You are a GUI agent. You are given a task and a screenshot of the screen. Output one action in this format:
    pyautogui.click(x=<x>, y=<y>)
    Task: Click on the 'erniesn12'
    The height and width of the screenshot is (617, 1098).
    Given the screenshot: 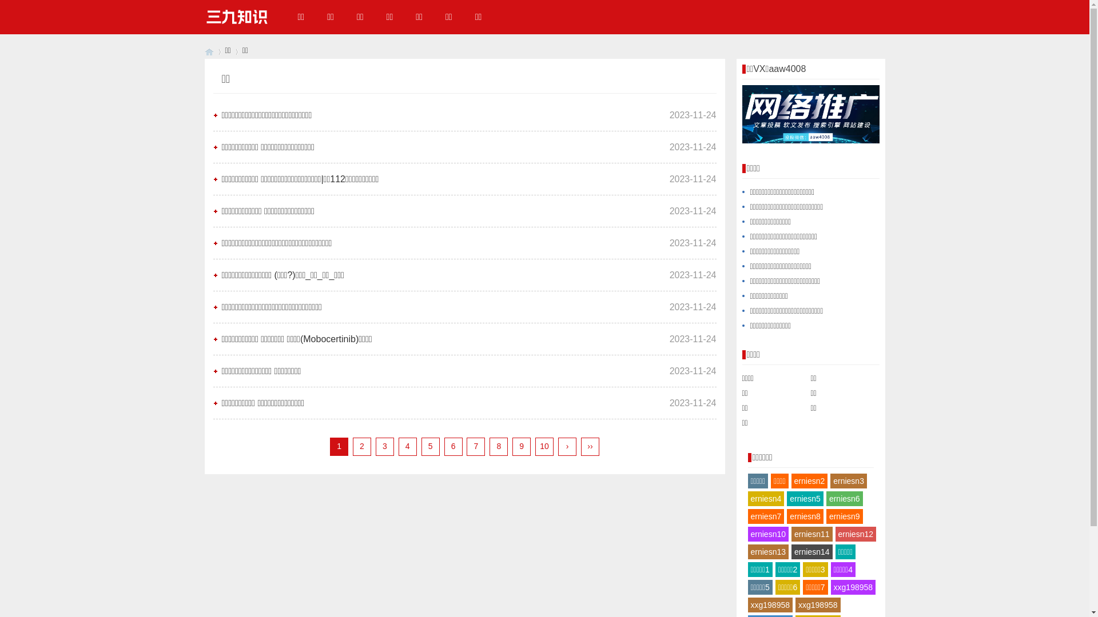 What is the action you would take?
    pyautogui.click(x=856, y=534)
    